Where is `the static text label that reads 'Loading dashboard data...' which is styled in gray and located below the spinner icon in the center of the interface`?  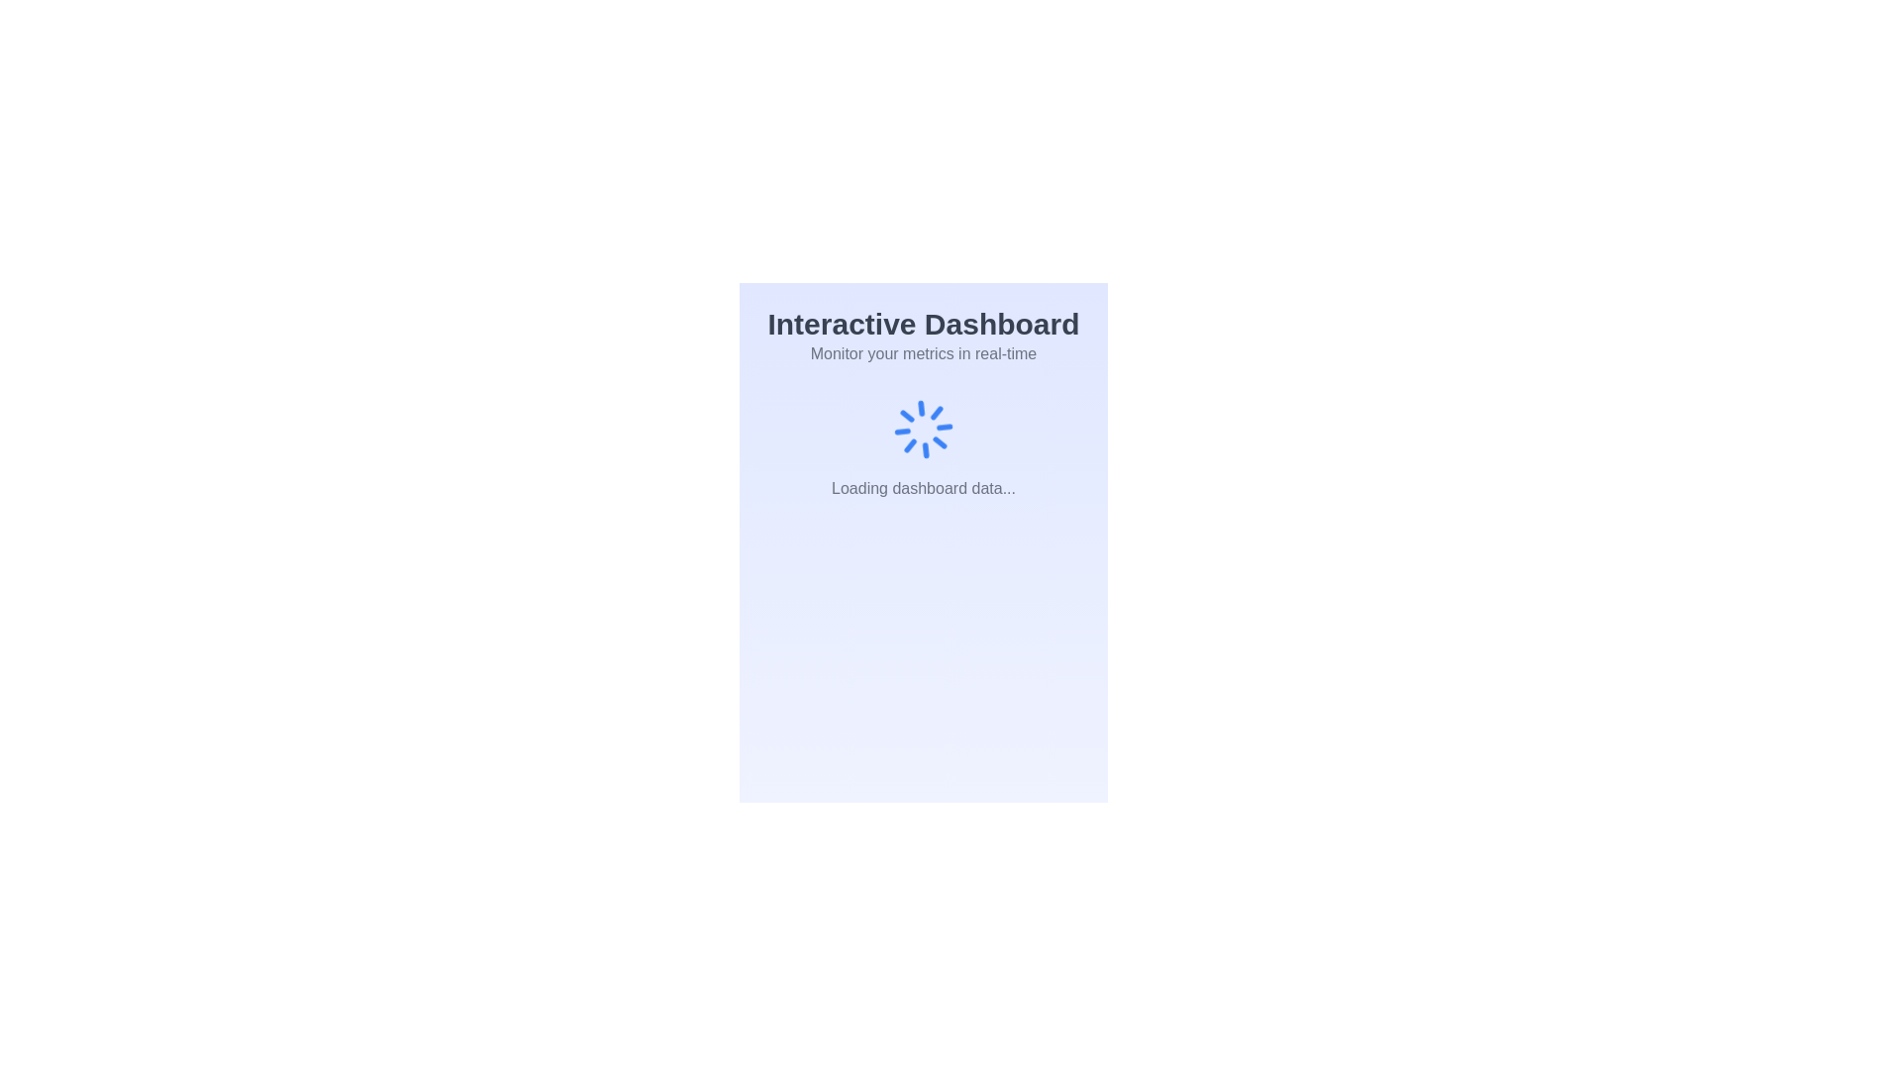
the static text label that reads 'Loading dashboard data...' which is styled in gray and located below the spinner icon in the center of the interface is located at coordinates (922, 488).